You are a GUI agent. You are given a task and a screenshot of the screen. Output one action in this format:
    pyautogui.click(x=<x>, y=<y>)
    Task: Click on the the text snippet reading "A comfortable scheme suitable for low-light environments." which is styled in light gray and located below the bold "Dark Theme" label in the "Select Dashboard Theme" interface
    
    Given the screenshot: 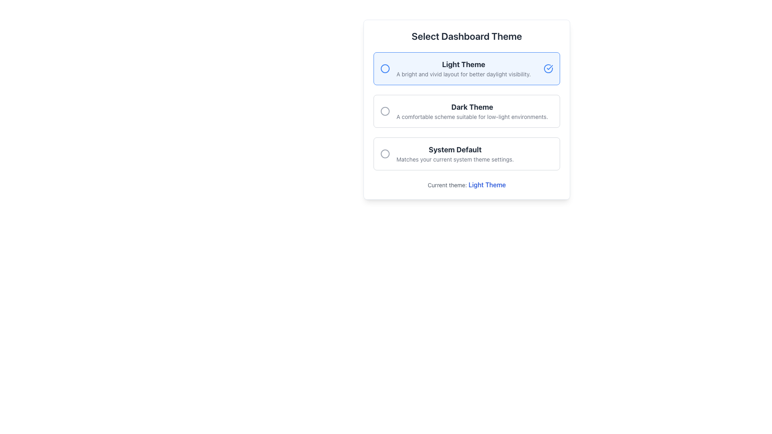 What is the action you would take?
    pyautogui.click(x=472, y=117)
    